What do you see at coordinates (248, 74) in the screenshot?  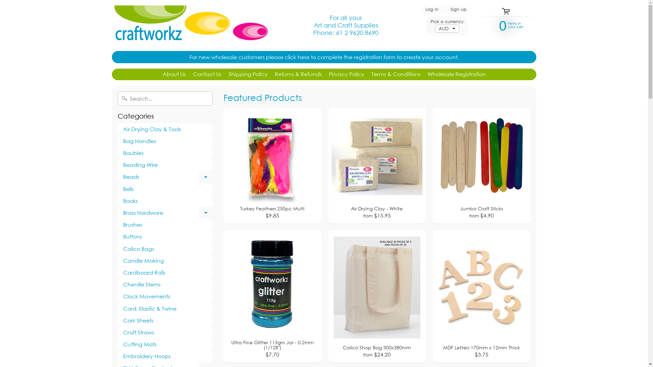 I see `'Shipping Policy'` at bounding box center [248, 74].